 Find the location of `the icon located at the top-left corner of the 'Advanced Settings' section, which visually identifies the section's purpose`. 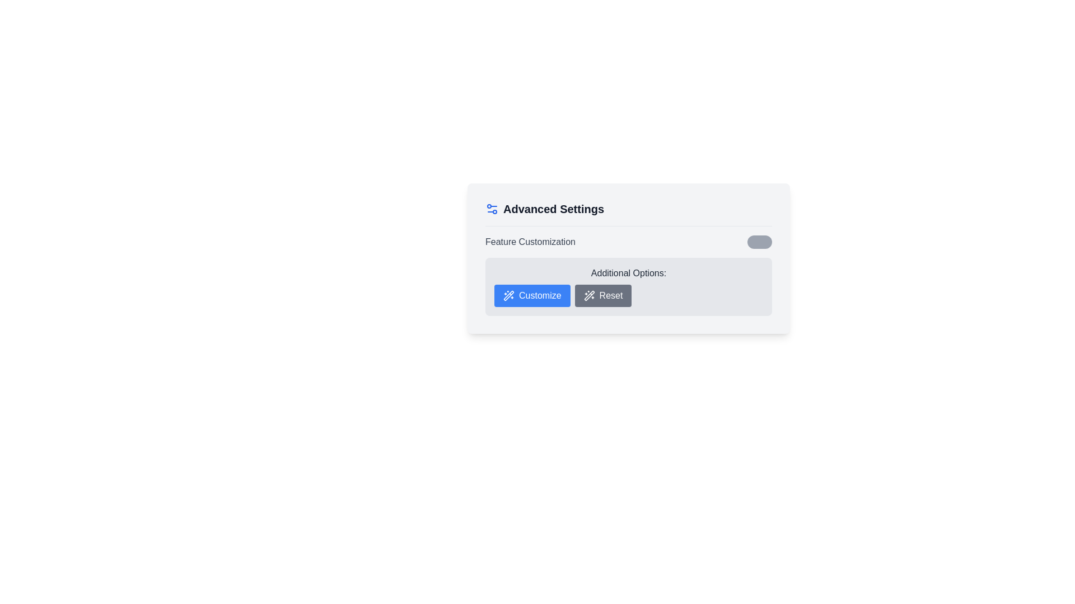

the icon located at the top-left corner of the 'Advanced Settings' section, which visually identifies the section's purpose is located at coordinates (492, 209).